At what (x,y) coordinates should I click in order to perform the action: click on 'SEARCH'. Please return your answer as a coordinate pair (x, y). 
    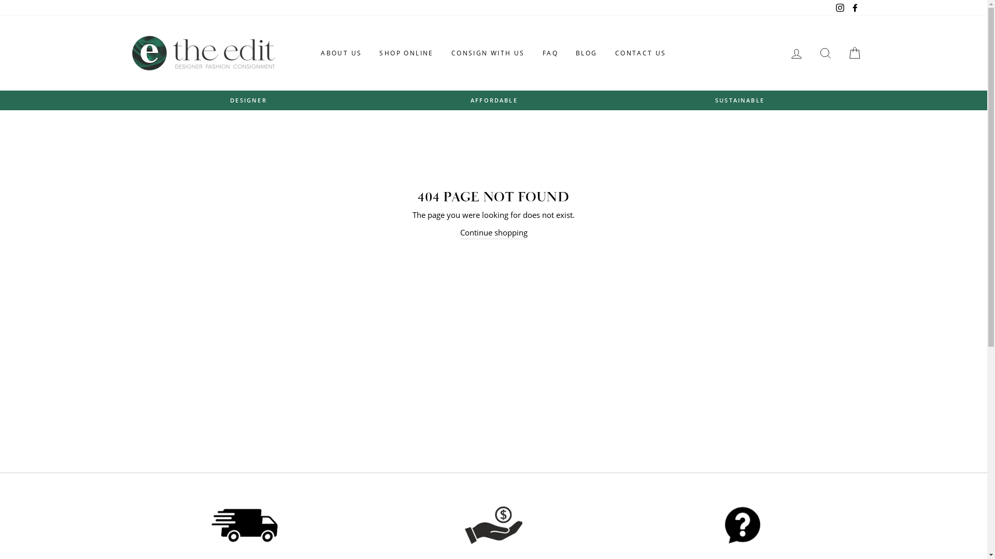
    Looking at the image, I should click on (825, 53).